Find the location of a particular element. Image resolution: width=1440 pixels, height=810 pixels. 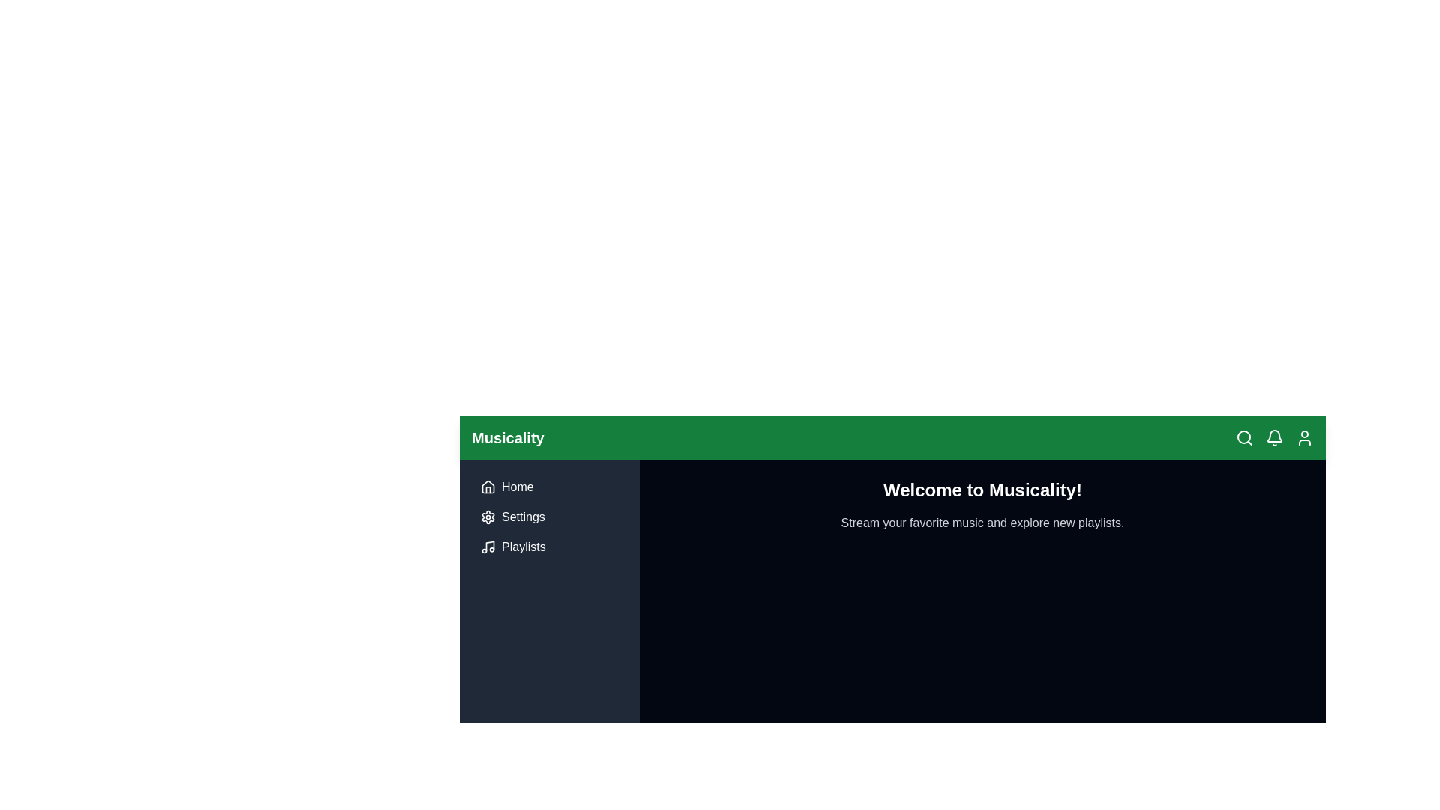

the musical note SVG element located at the bottom of the side navigation menu, adjacent to the 'Playlists' text label is located at coordinates (490, 546).